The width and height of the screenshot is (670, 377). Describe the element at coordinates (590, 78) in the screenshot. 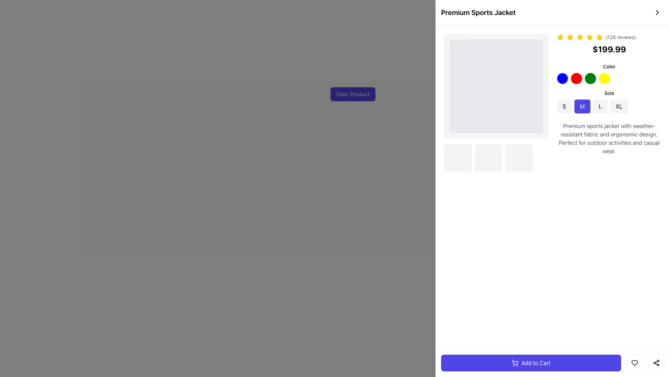

I see `the third circular button from the left in the color selection options` at that location.